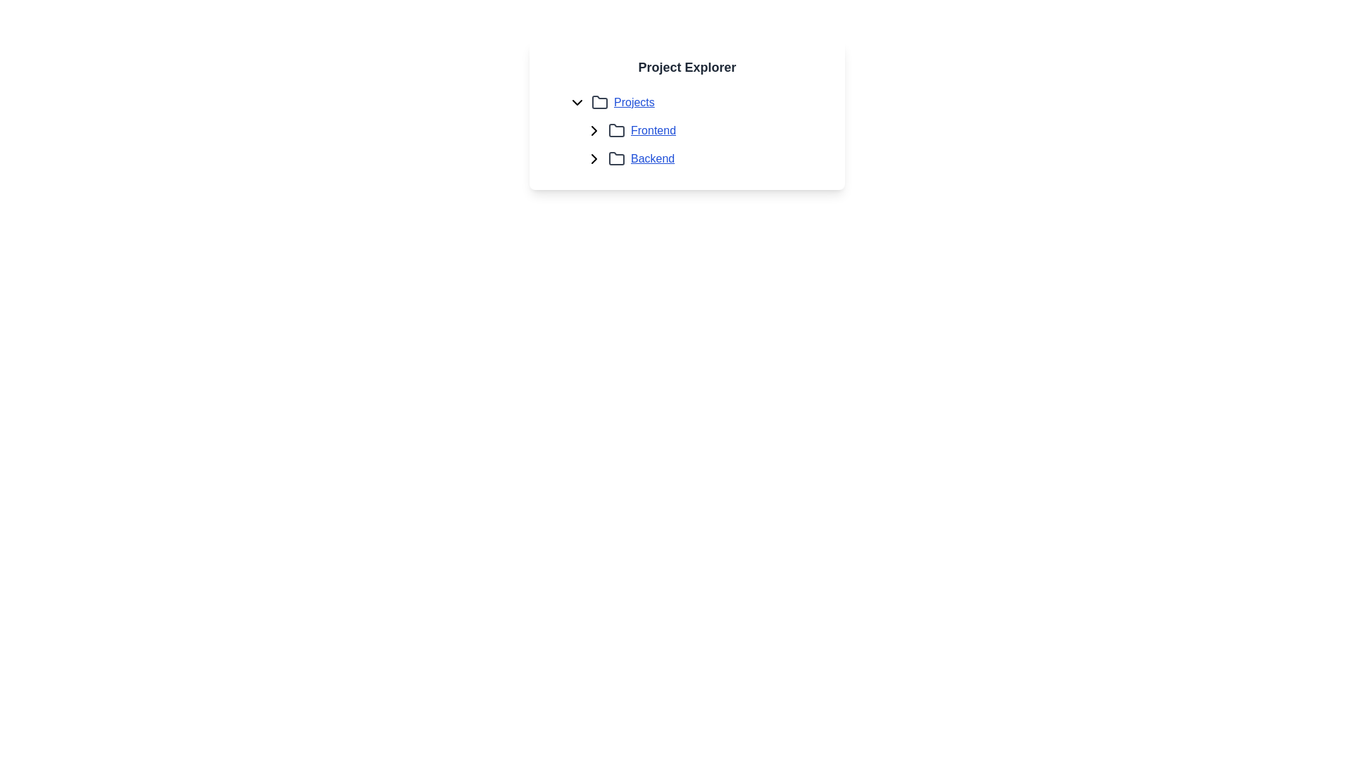  Describe the element at coordinates (594, 130) in the screenshot. I see `the arrow icon that indicates expand/collapse for the 'Frontend' section` at that location.